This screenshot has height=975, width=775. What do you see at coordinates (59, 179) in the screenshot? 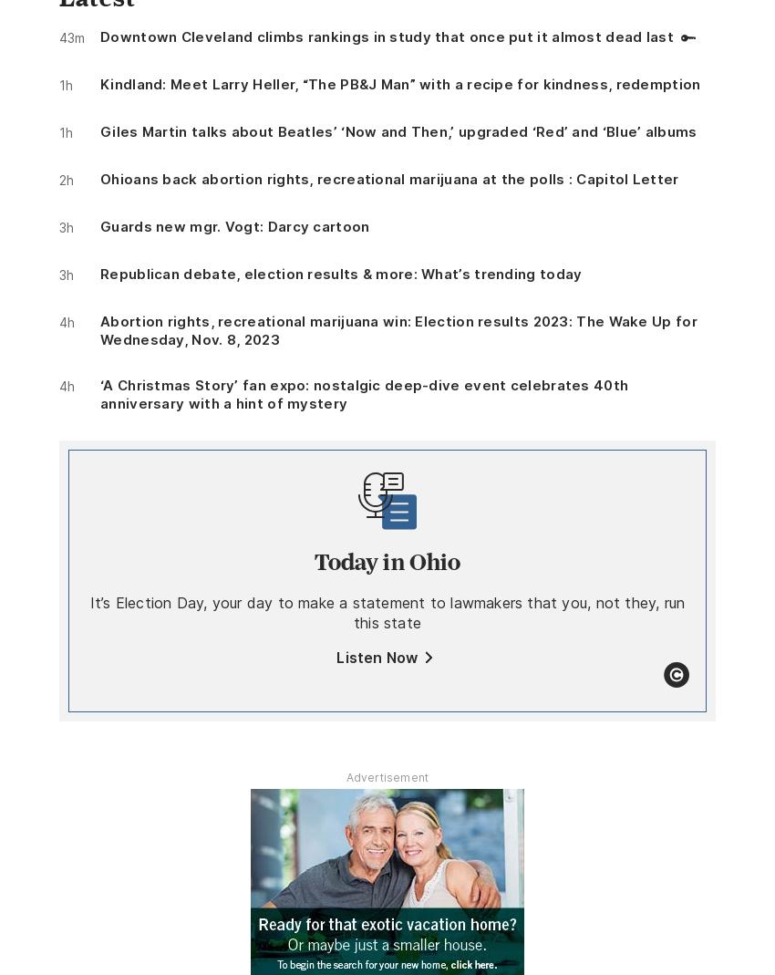
I see `'2h'` at bounding box center [59, 179].